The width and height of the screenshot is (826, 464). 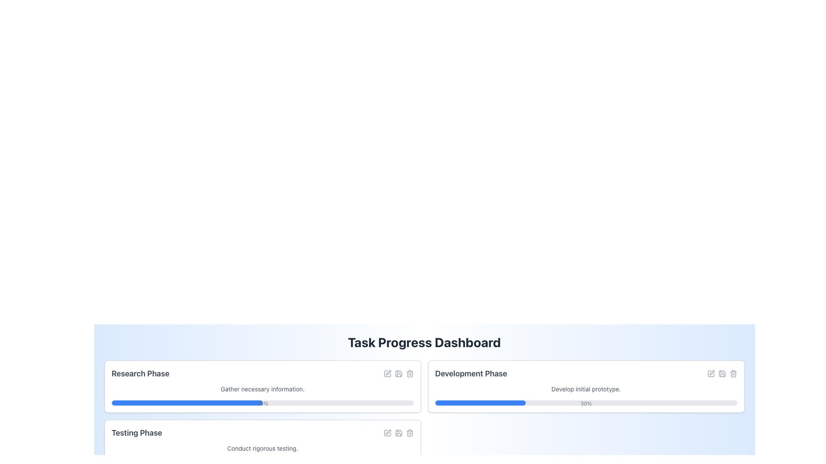 What do you see at coordinates (136, 433) in the screenshot?
I see `the Text Label positioned in the second row, first column of the layout, serving as a title or heading` at bounding box center [136, 433].